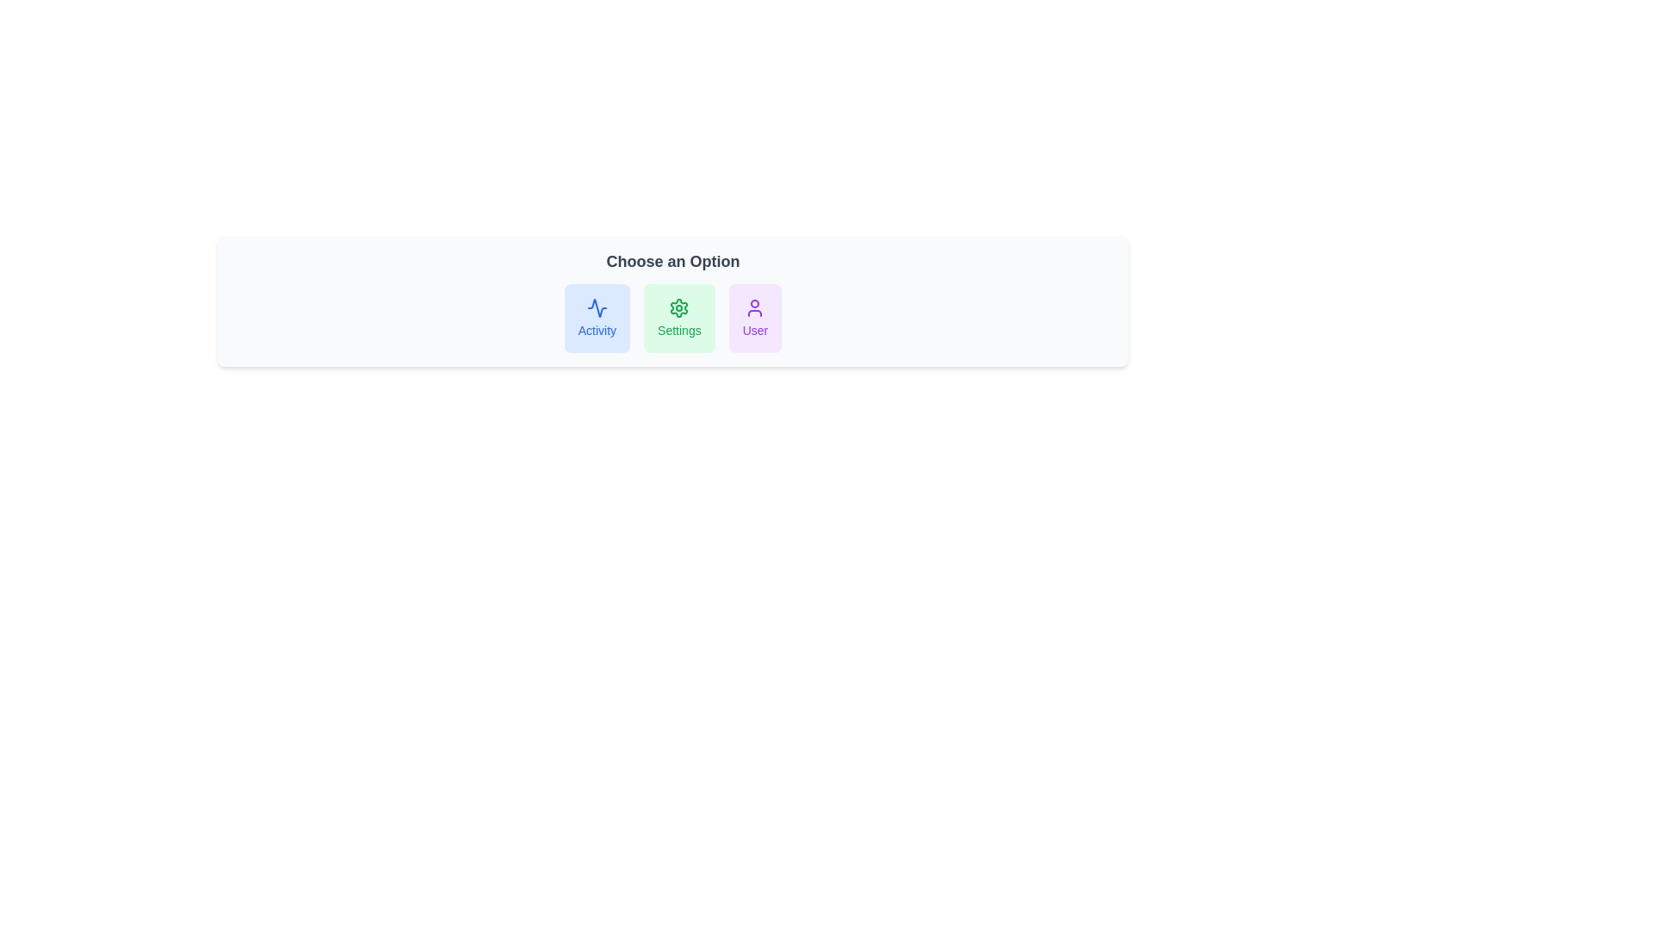 The image size is (1653, 930). Describe the element at coordinates (755, 331) in the screenshot. I see `text label located below the icon in the third button from the left in a horizontal row of three buttons` at that location.